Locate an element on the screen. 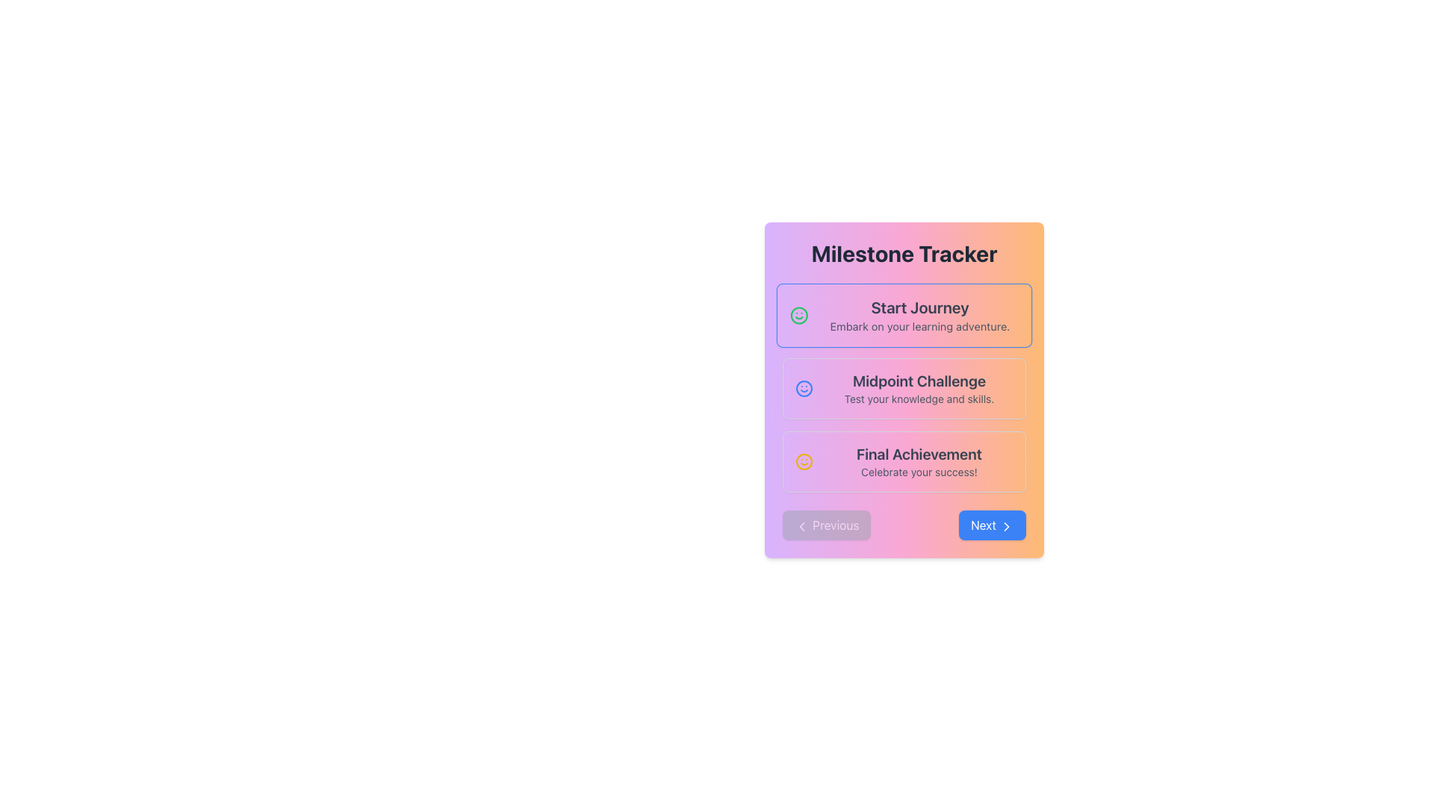 The image size is (1434, 806). the 'Next' button located at the bottom-right corner of the interface to proceed to the next step or page in the application is located at coordinates (993, 525).